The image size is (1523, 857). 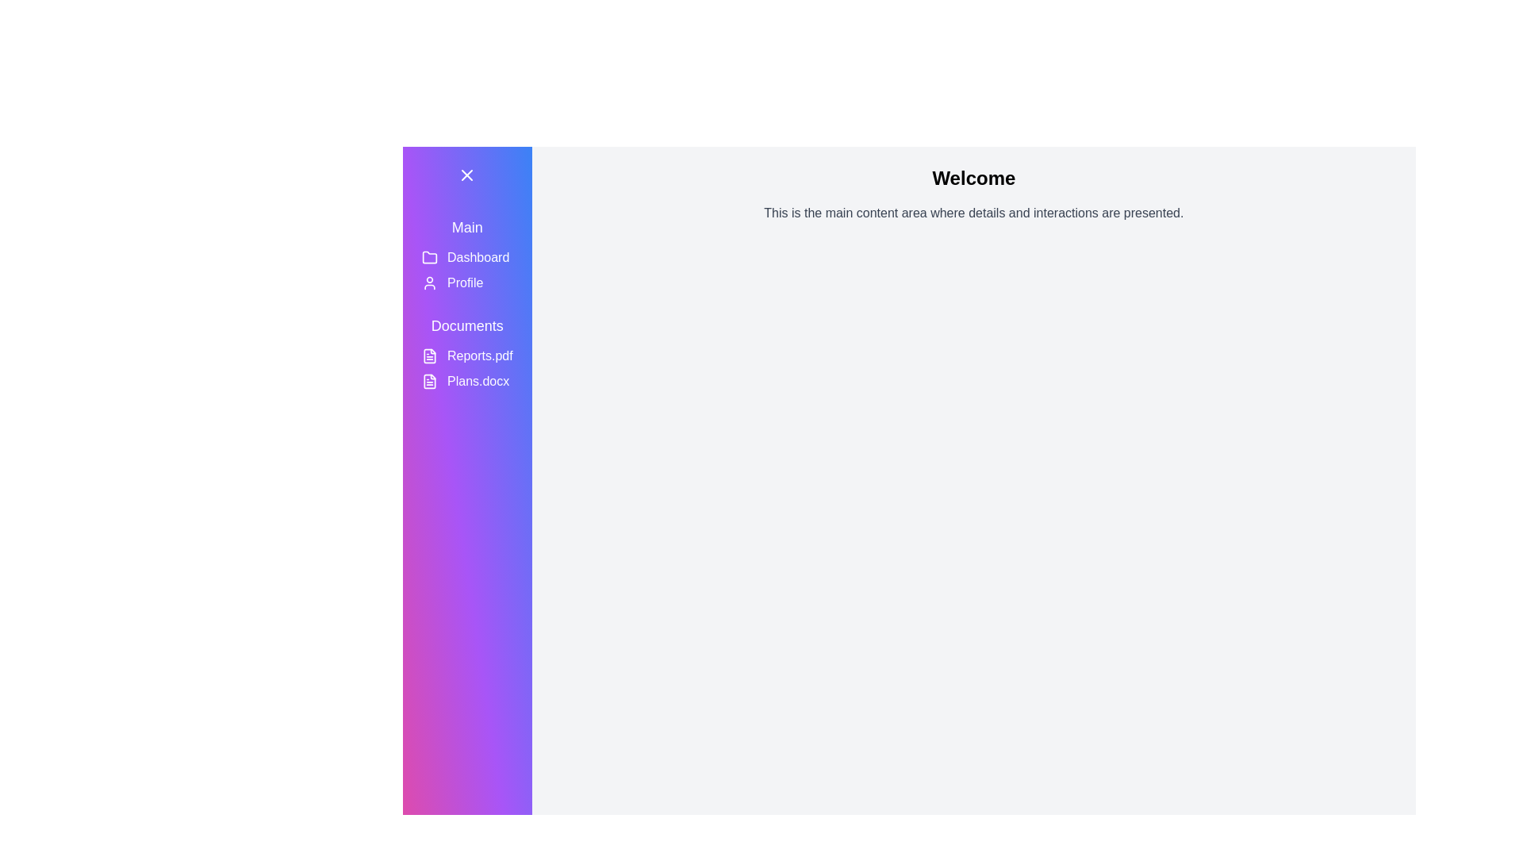 I want to click on the 'Profile' icon located in the vertical navigation bar, positioned to the left of the 'Profile' text label, so click(x=430, y=282).